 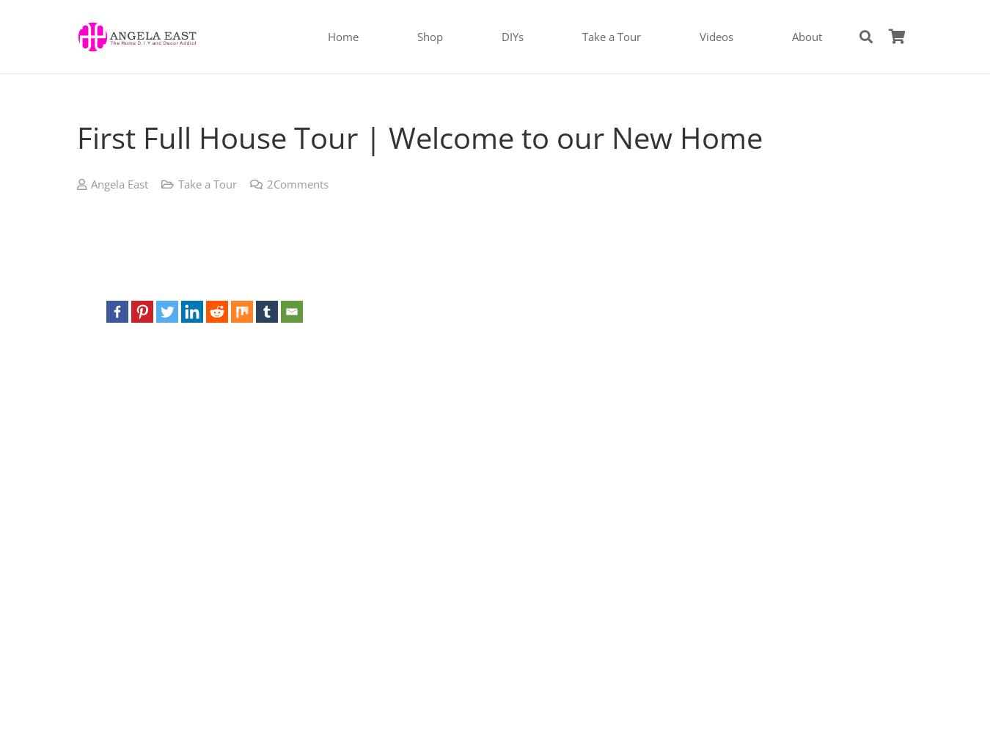 I want to click on 'First Full House Tour | Welcome to our New Home', so click(x=419, y=136).